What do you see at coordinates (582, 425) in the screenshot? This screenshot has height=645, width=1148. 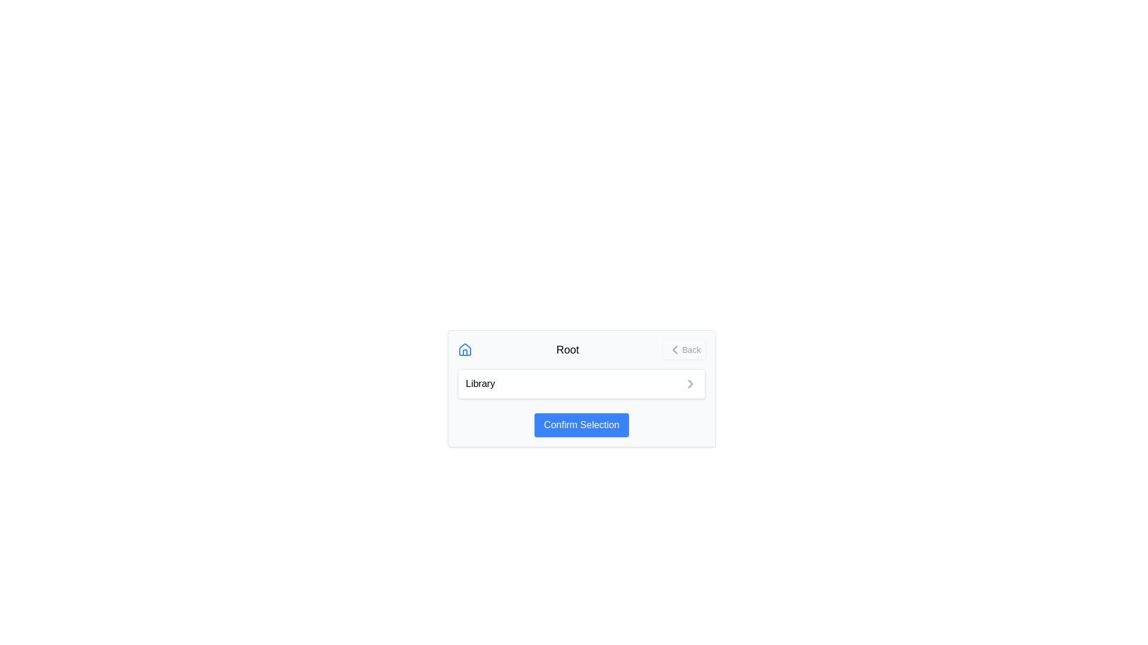 I see `the 'Confirm Selection' button, which is a rectangular button with a blue background and white text, located at the bottom of the panel` at bounding box center [582, 425].